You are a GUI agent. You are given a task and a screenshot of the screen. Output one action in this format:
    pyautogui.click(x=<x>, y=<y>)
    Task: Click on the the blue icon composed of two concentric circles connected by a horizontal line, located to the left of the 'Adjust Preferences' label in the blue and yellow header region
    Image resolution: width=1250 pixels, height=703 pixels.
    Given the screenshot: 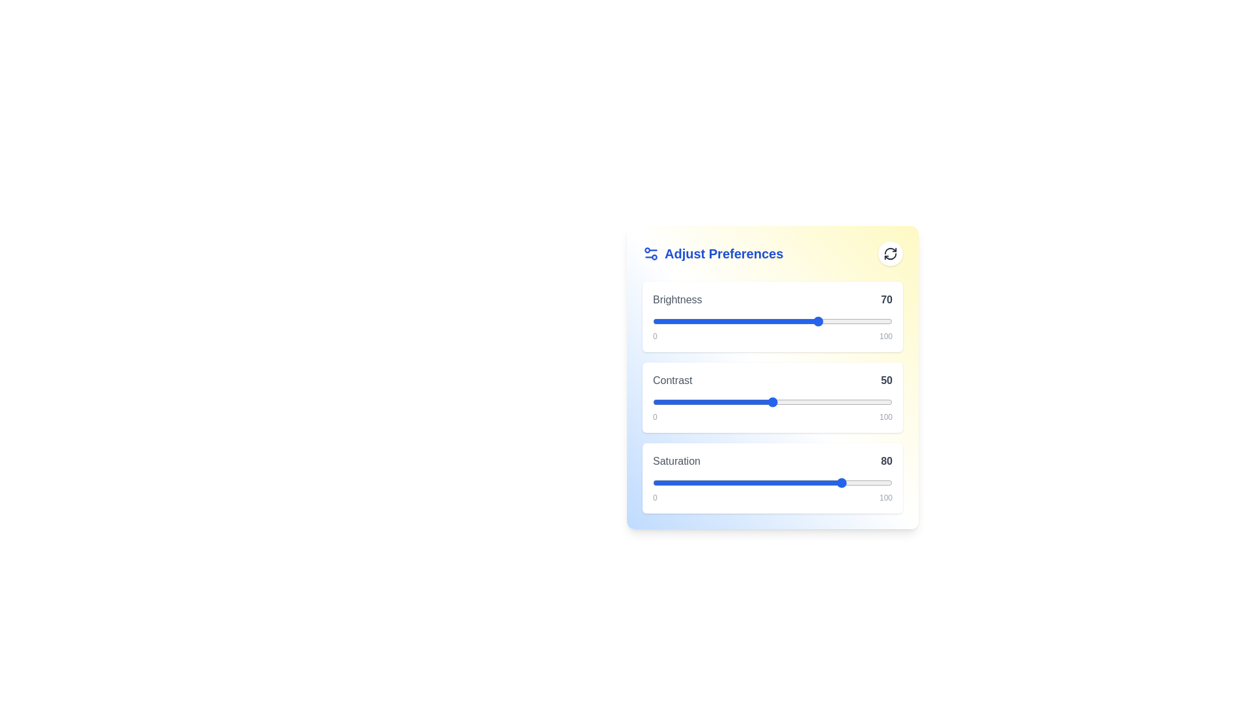 What is the action you would take?
    pyautogui.click(x=650, y=253)
    